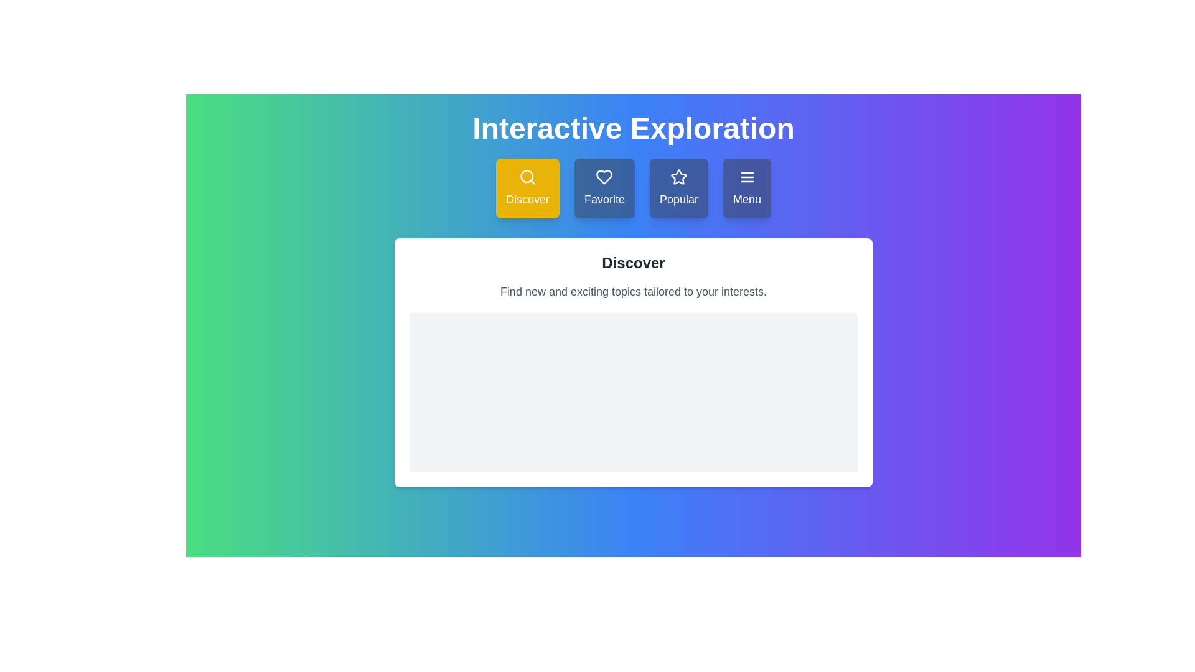  What do you see at coordinates (604, 189) in the screenshot?
I see `the tab labeled Favorite` at bounding box center [604, 189].